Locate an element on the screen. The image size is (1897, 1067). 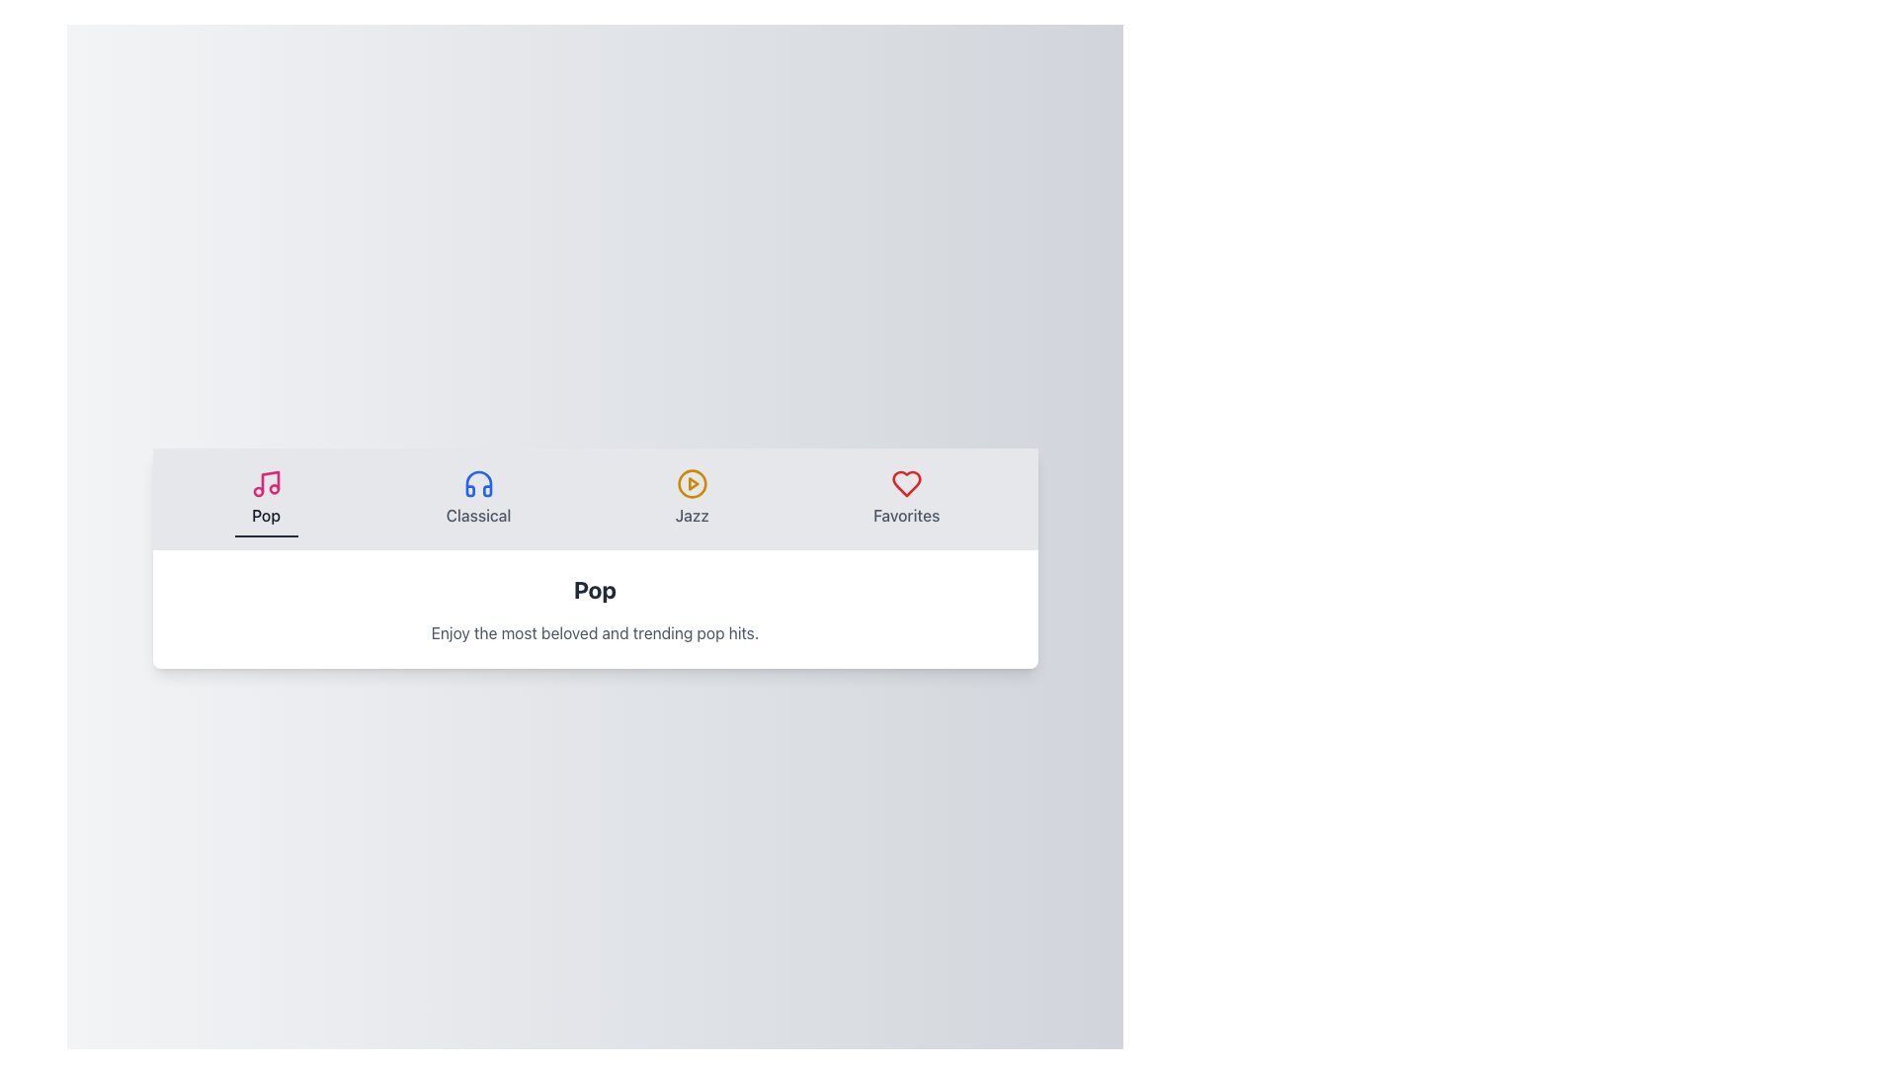
the heart-shaped red icon in the 'Favorites' section of the bottom navigation menu to interact or navigate is located at coordinates (905, 483).